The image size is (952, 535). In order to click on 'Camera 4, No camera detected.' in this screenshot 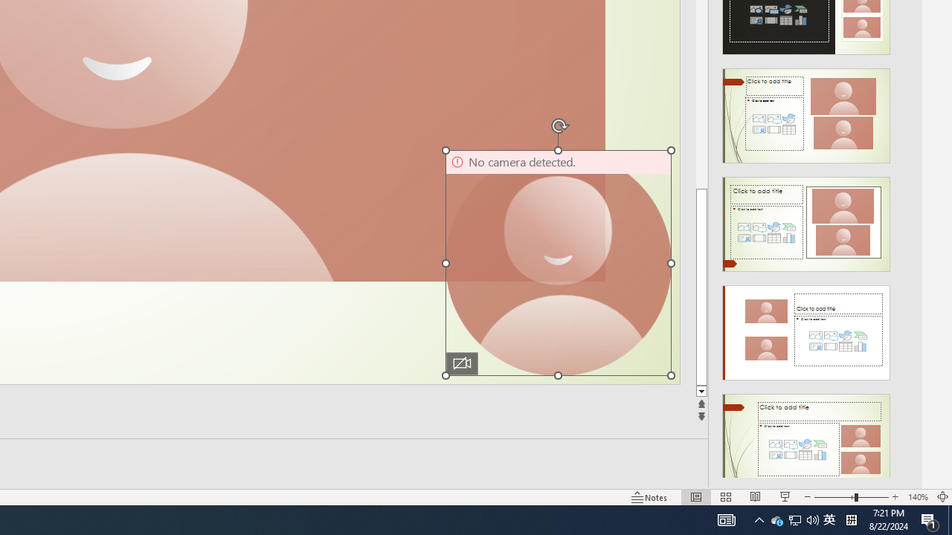, I will do `click(557, 262)`.